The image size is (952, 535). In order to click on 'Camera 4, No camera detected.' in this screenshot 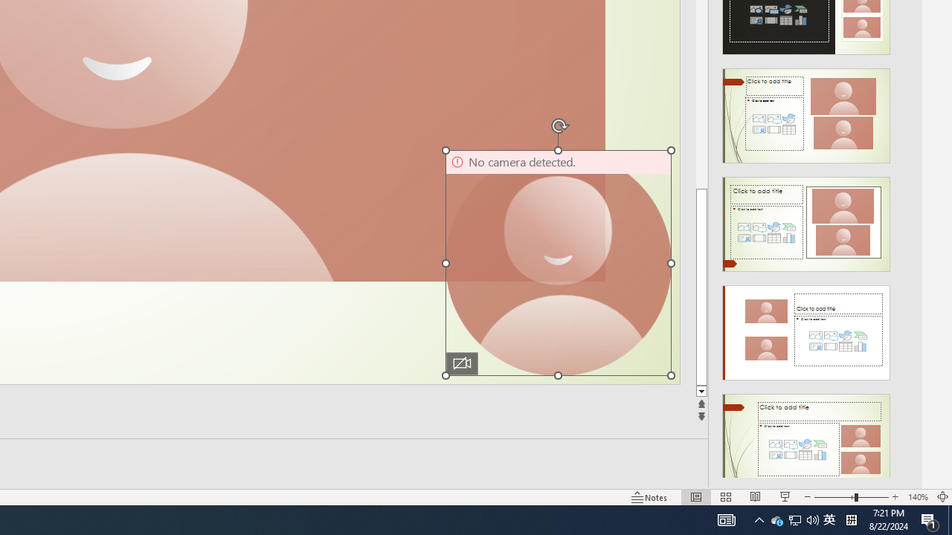, I will do `click(557, 262)`.